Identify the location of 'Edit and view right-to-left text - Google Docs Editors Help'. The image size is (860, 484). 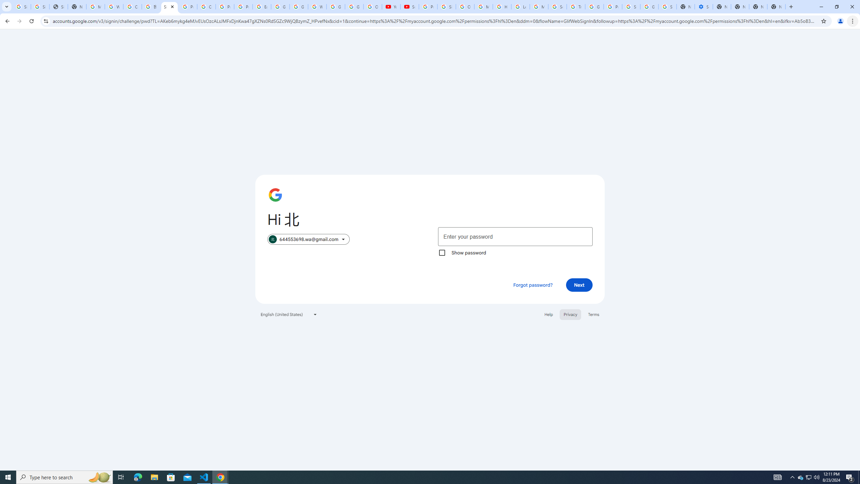
(261, 6).